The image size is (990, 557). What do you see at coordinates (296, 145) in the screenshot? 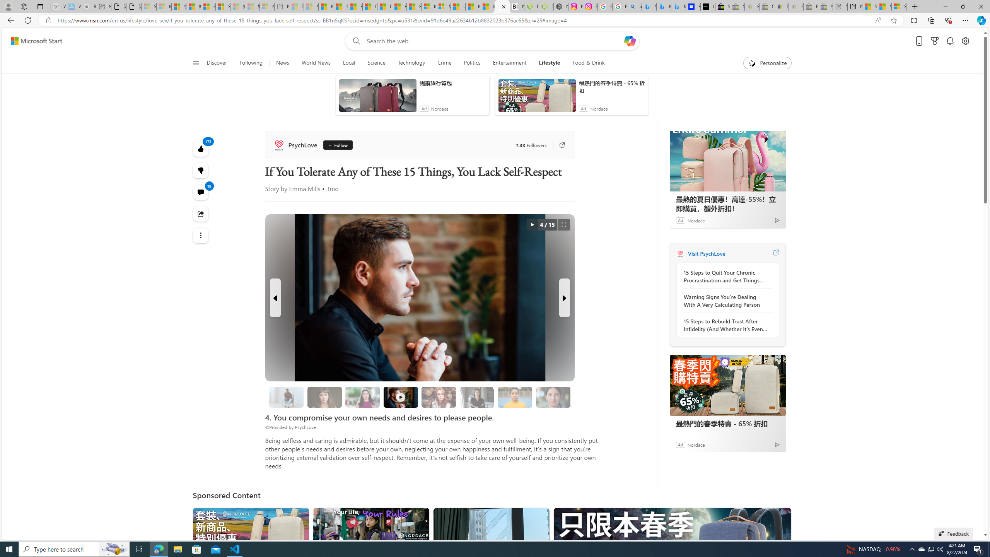
I see `'PsychLove'` at bounding box center [296, 145].